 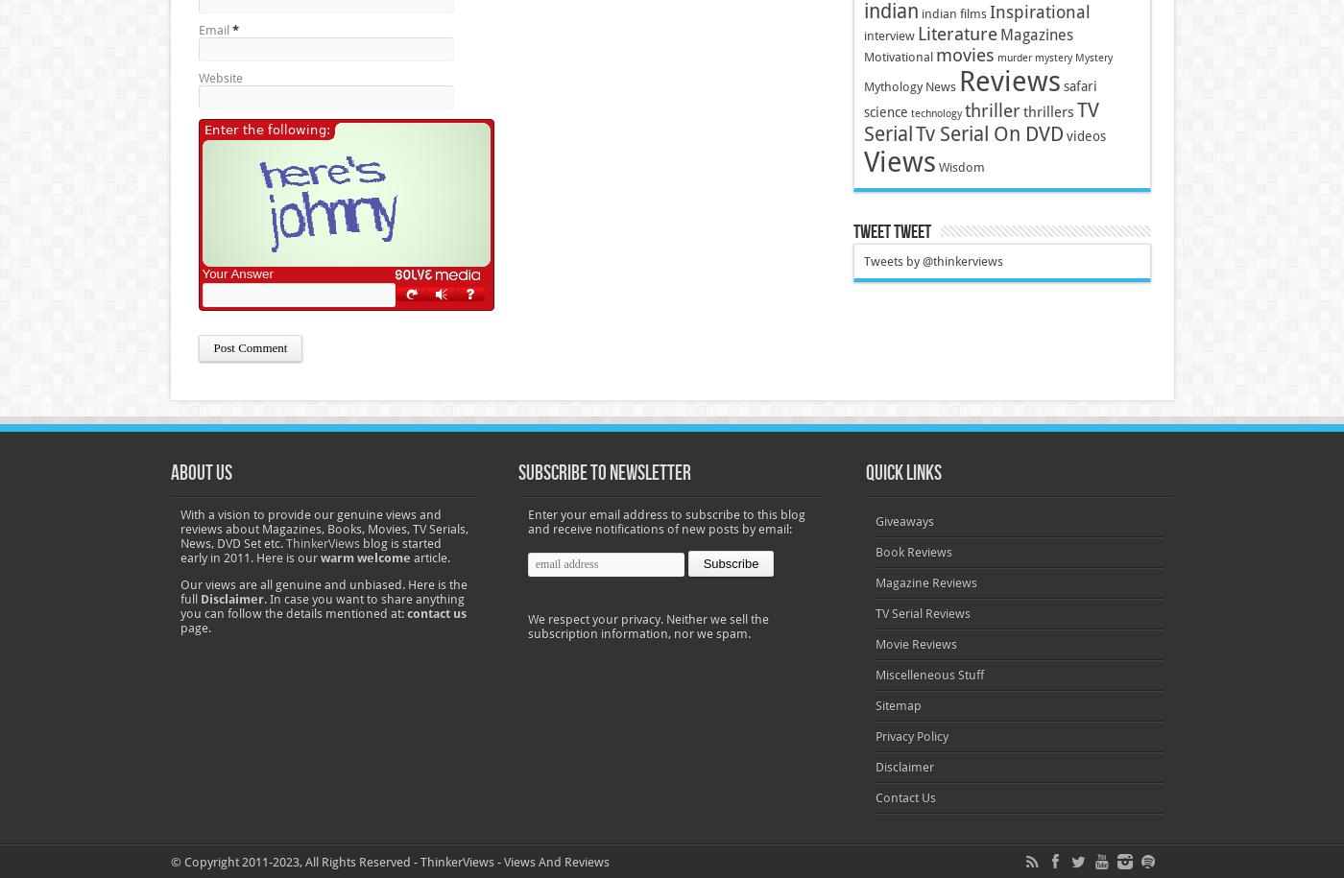 What do you see at coordinates (933, 54) in the screenshot?
I see `'movies'` at bounding box center [933, 54].